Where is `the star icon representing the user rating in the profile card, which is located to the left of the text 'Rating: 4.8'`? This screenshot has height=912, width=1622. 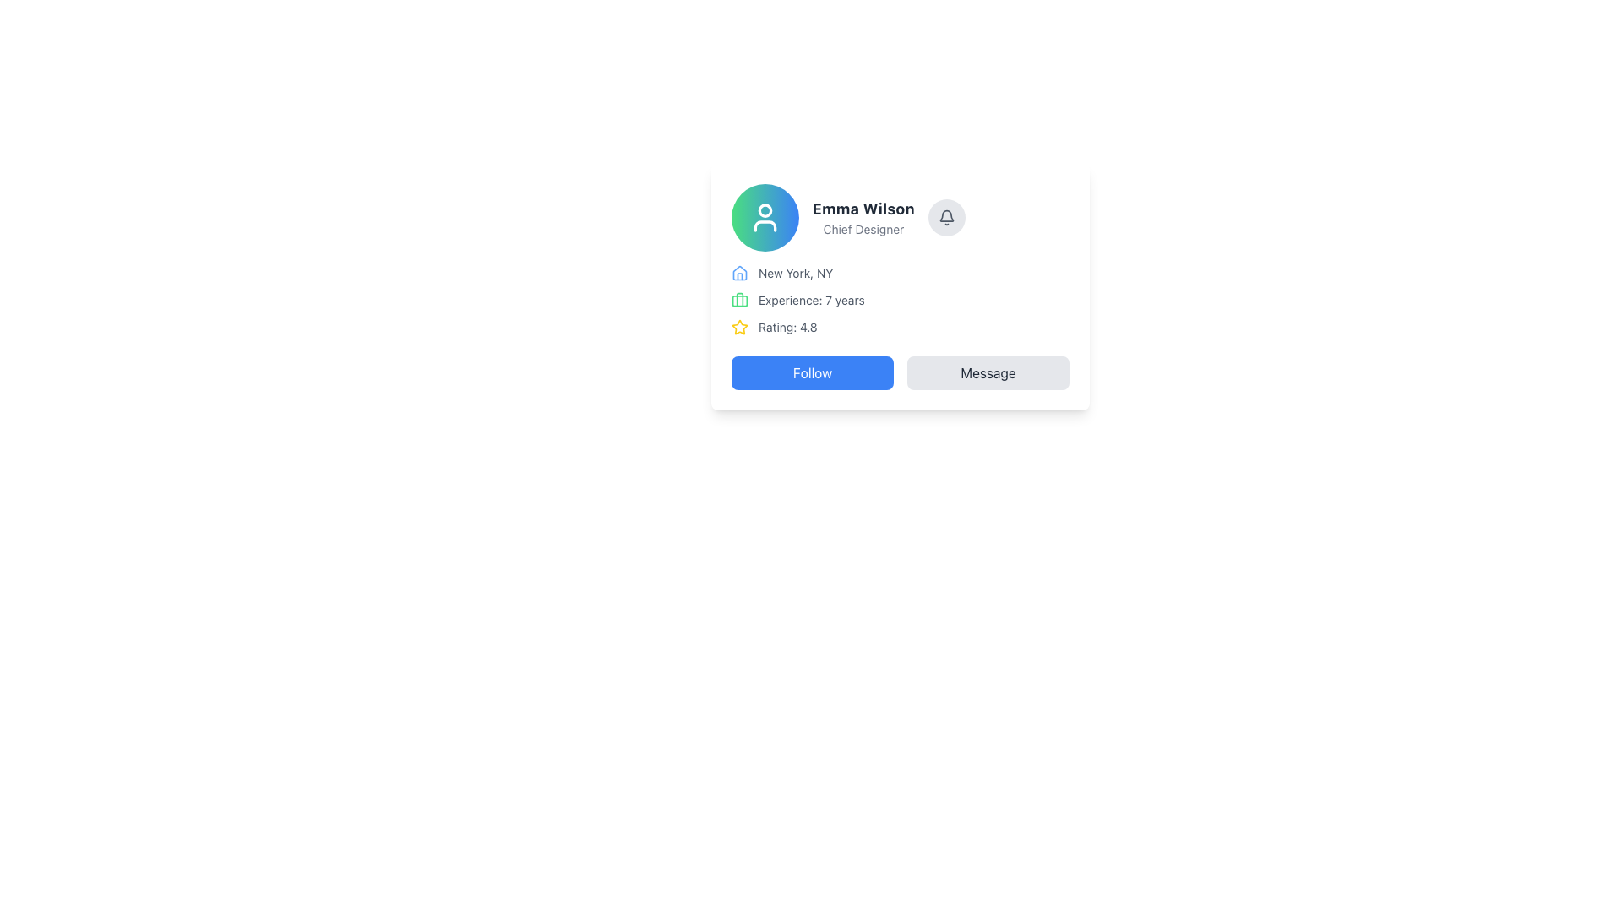 the star icon representing the user rating in the profile card, which is located to the left of the text 'Rating: 4.8' is located at coordinates (739, 327).